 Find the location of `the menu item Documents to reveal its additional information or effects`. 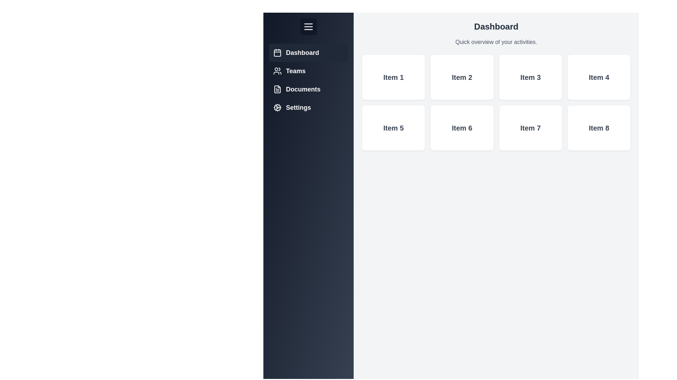

the menu item Documents to reveal its additional information or effects is located at coordinates (308, 89).